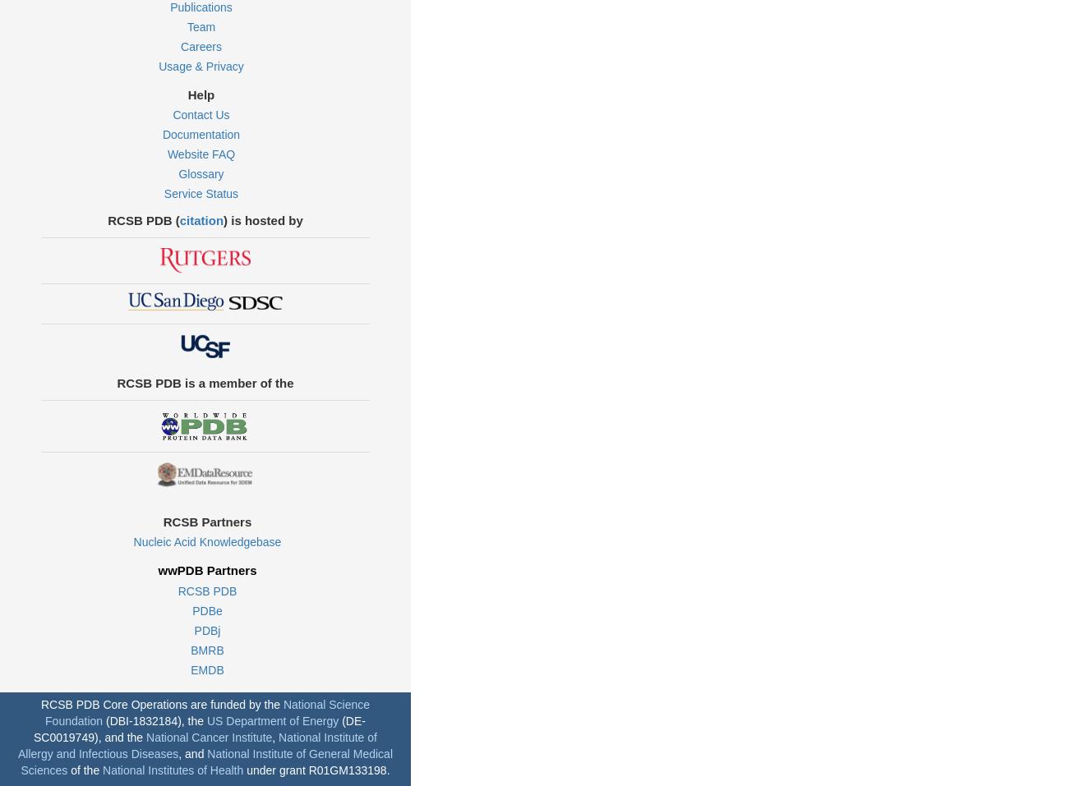  Describe the element at coordinates (85, 769) in the screenshot. I see `'of the'` at that location.